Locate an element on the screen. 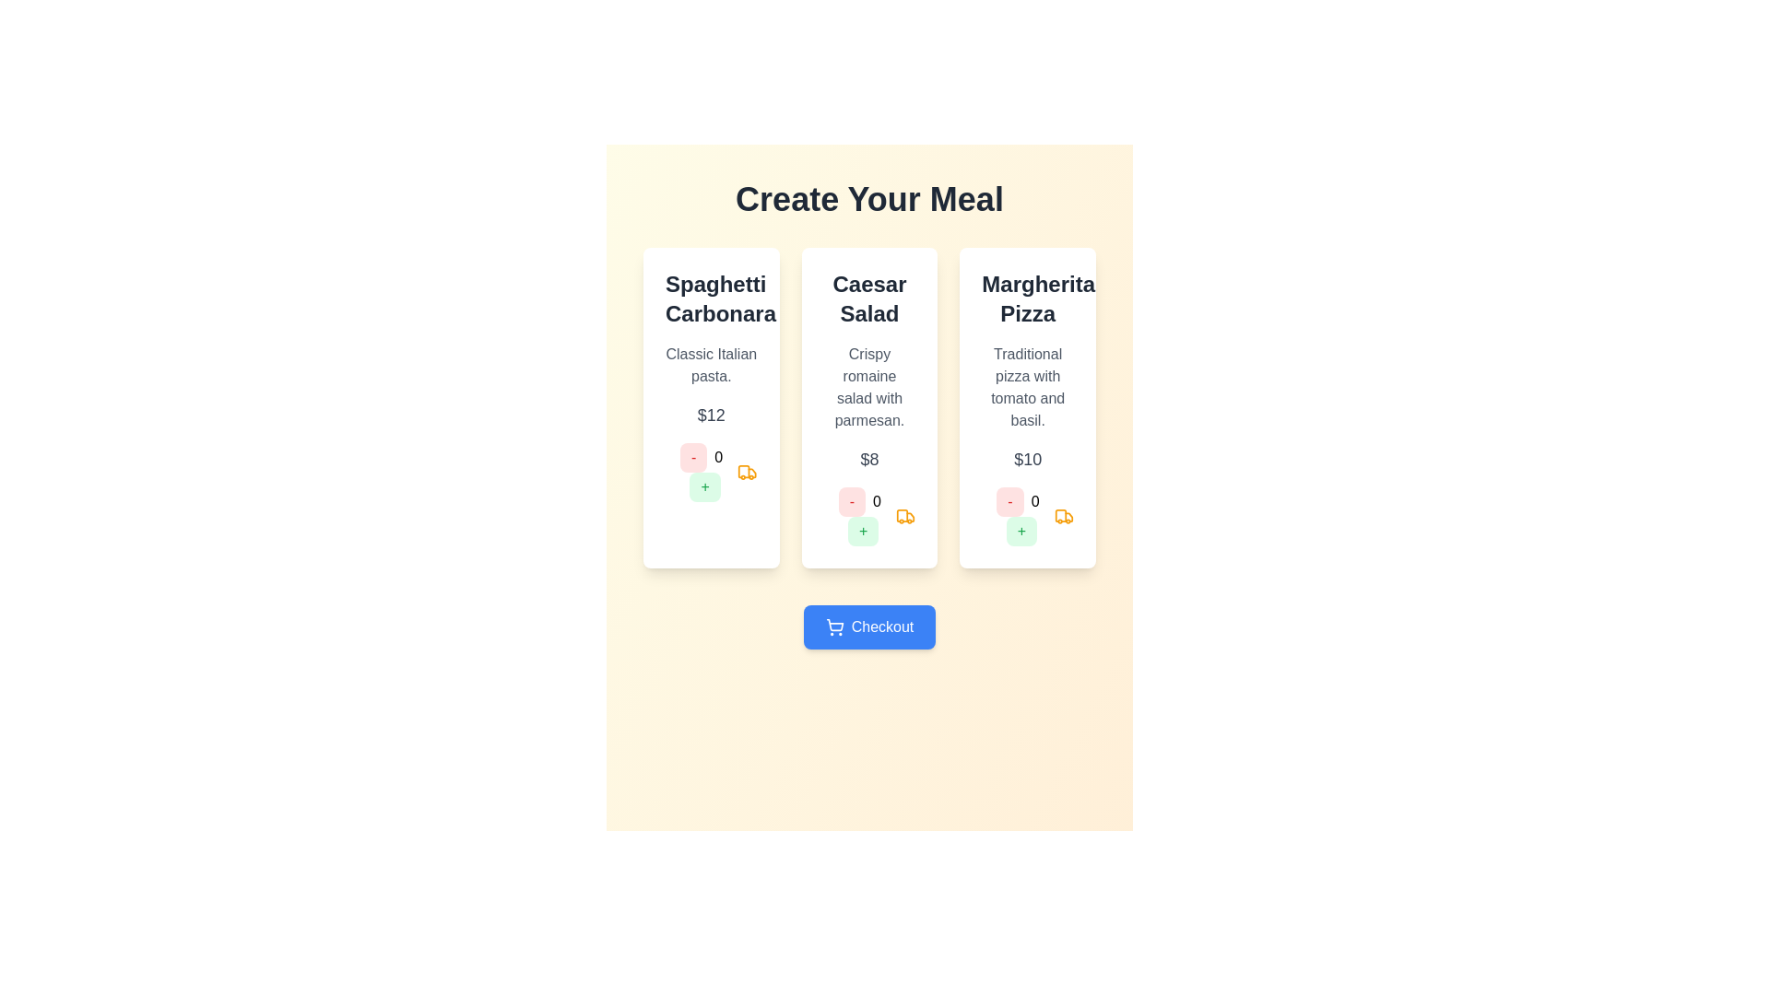  the green rounded rectangular button with a centered plus sign ('+') to increment the quantity for the Caesar Salad menu item is located at coordinates (868, 516).